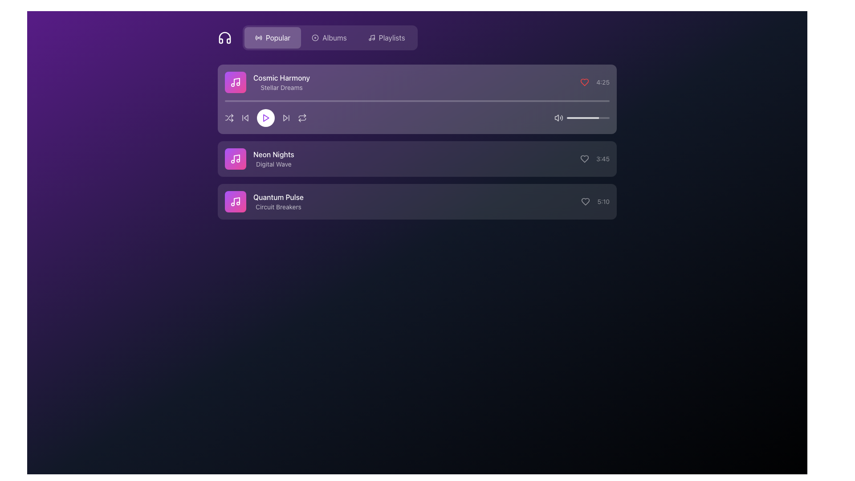 This screenshot has height=481, width=855. Describe the element at coordinates (235, 201) in the screenshot. I see `the decorative icon representing the music track 'Quantum Pulse', located to the left of the text label 'Quantum Pulse'` at that location.